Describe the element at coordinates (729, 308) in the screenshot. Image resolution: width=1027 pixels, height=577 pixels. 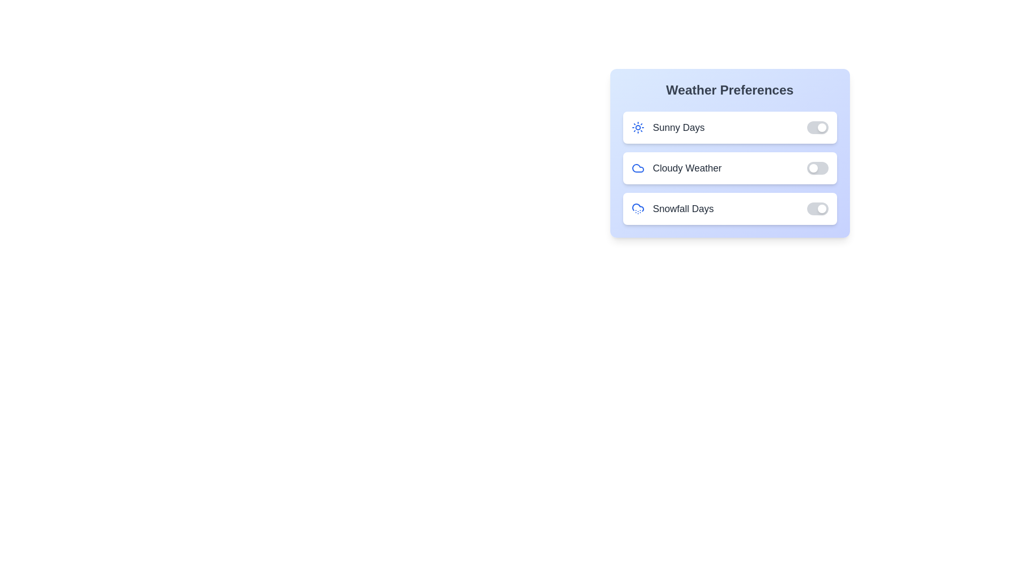
I see `the background area of the WeatherPreferencePanel component` at that location.